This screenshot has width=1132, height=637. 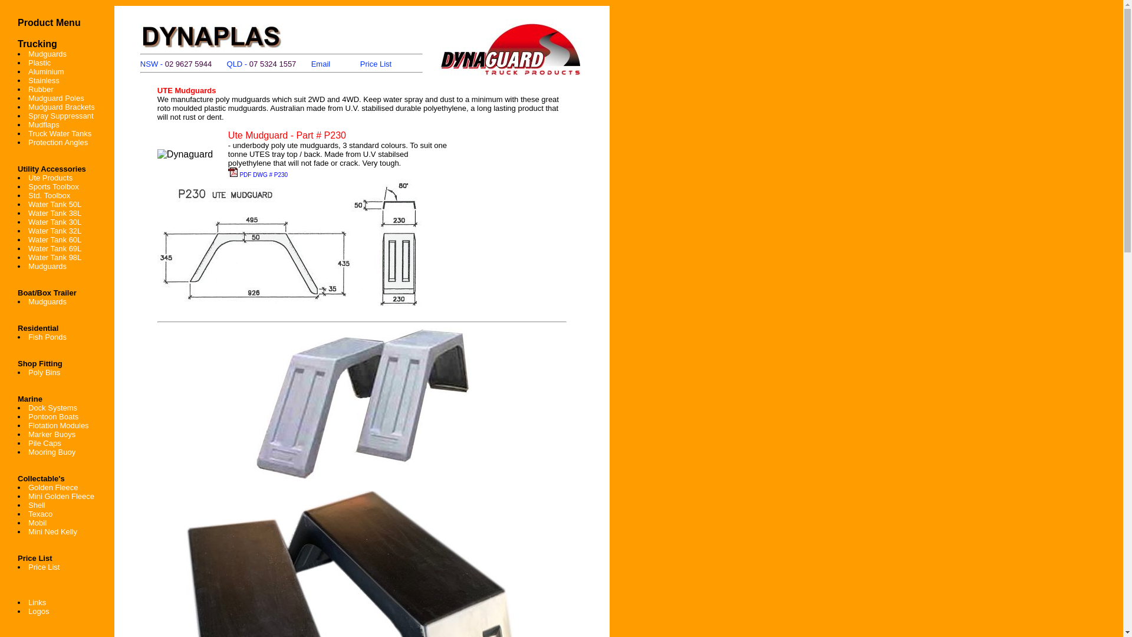 I want to click on 'Water Tank 98L', so click(x=54, y=257).